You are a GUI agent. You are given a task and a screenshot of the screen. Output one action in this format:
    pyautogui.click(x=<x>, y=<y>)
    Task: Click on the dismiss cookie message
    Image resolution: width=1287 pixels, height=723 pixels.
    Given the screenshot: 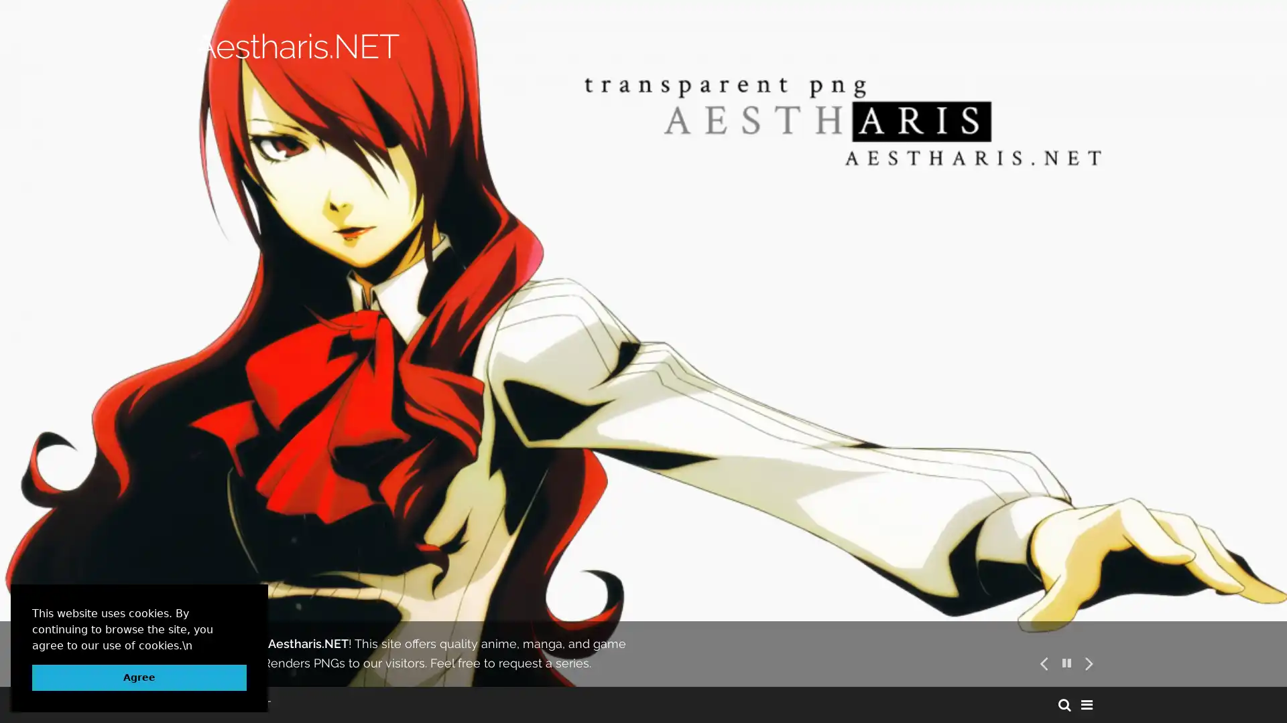 What is the action you would take?
    pyautogui.click(x=139, y=677)
    